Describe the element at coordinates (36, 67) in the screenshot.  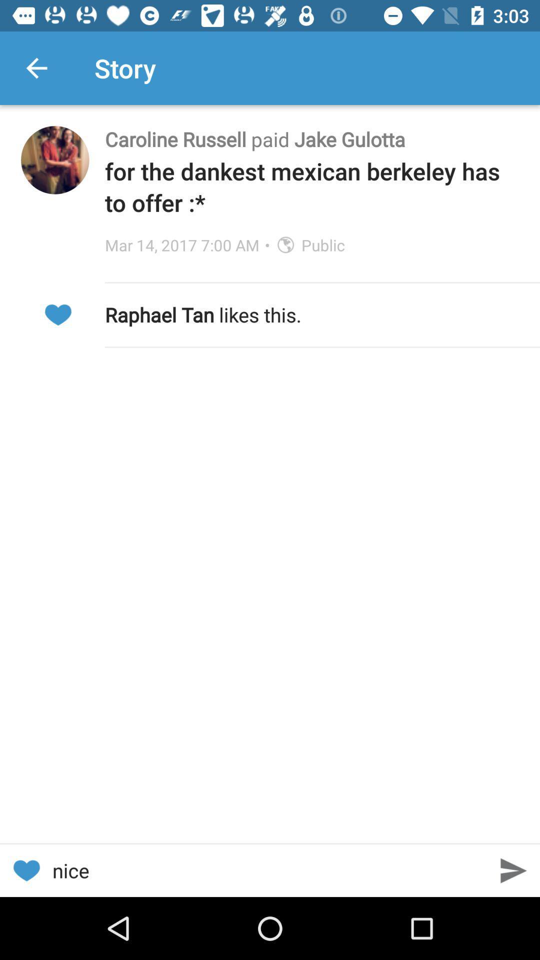
I see `icon next to the story app` at that location.